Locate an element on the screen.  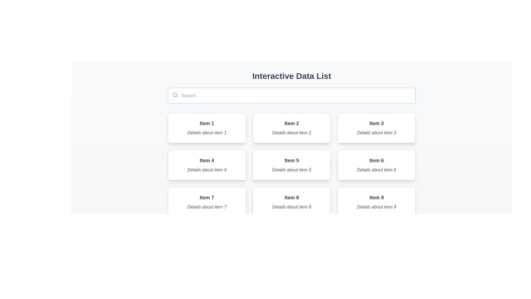
the ninth Card component in the three-column grid layout, which is located in the bottom-right corner of the visible area is located at coordinates (376, 202).